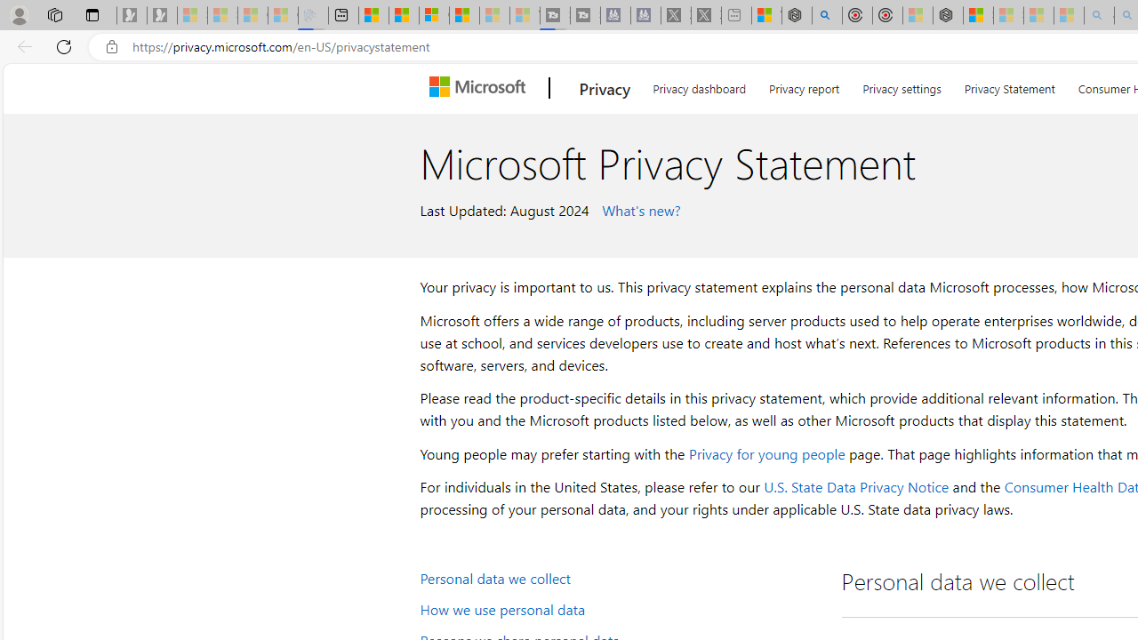 Image resolution: width=1138 pixels, height=640 pixels. Describe the element at coordinates (766, 452) in the screenshot. I see `'Privacy for young people'` at that location.